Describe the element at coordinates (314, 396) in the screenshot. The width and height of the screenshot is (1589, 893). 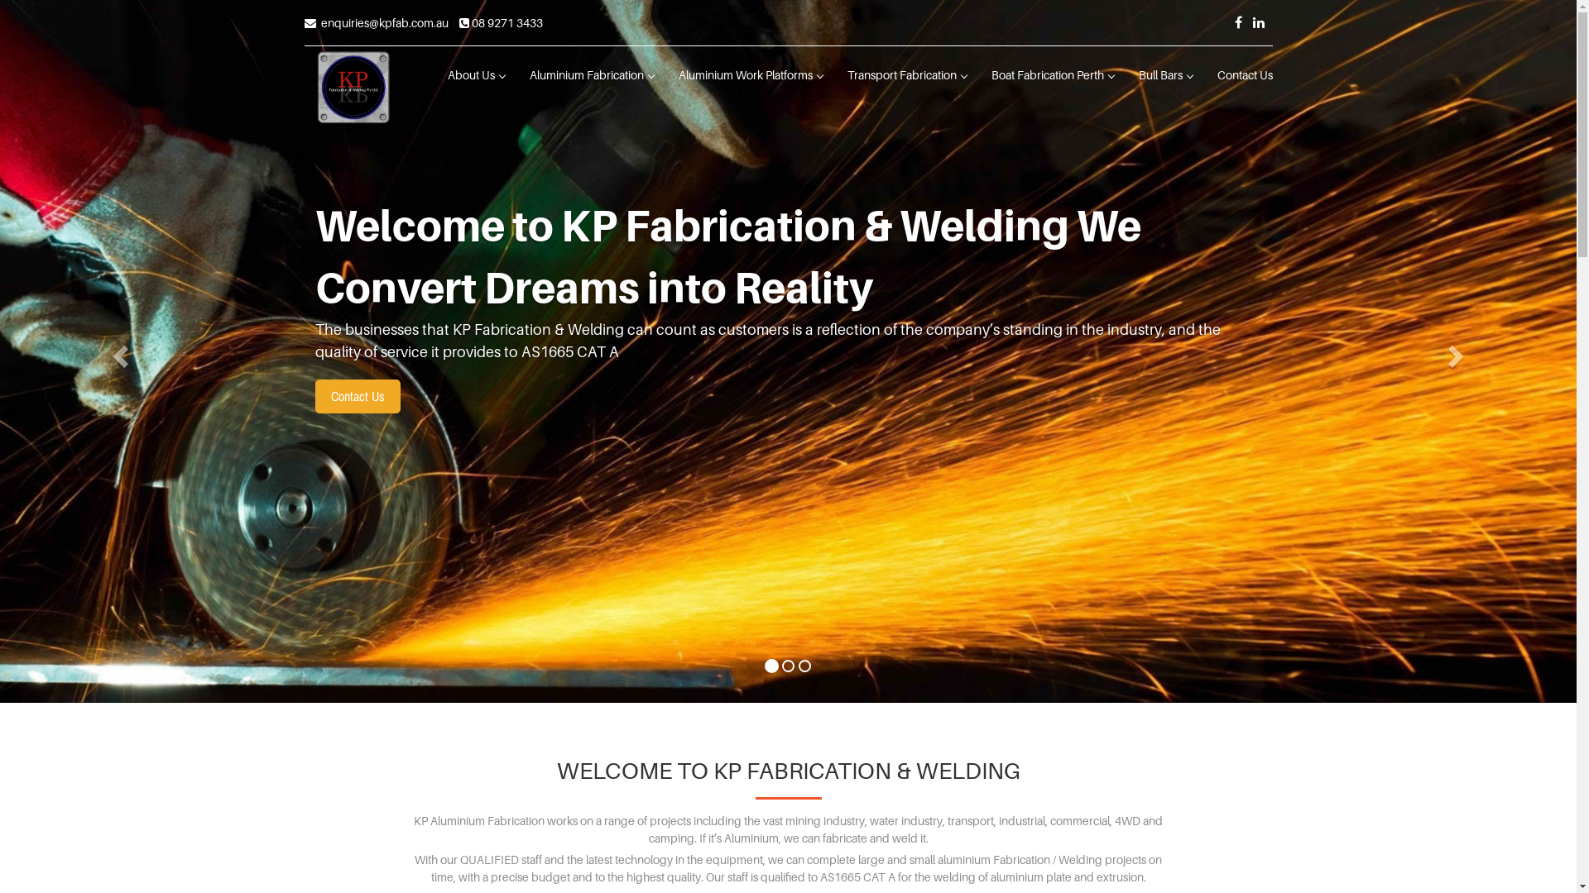
I see `'Contact Us'` at that location.